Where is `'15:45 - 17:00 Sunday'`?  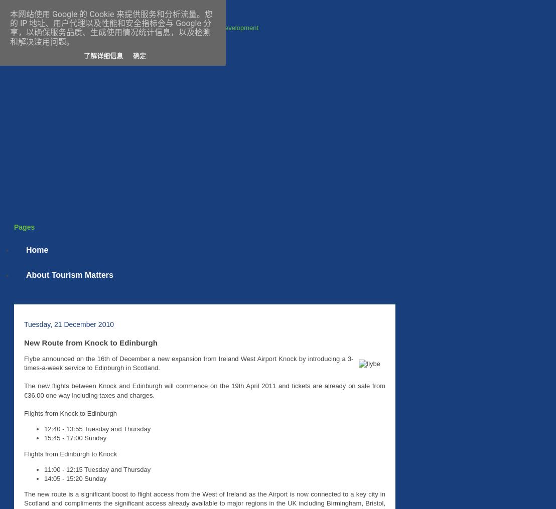 '15:45 - 17:00 Sunday' is located at coordinates (75, 437).